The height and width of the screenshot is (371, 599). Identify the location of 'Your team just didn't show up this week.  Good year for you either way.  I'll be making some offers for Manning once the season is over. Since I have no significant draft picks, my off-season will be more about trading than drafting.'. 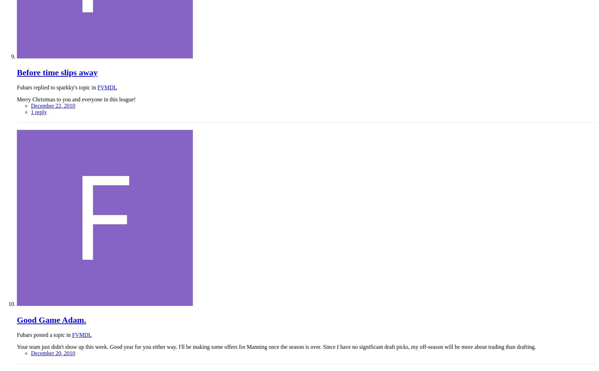
(17, 347).